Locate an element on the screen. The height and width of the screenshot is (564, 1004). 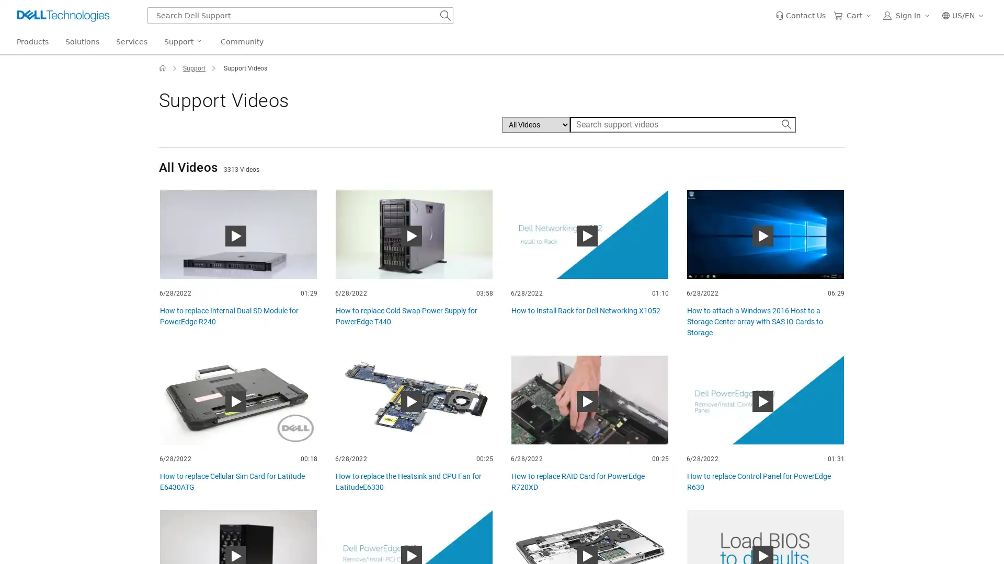
How to replace Cold Swap Power Supply for PowerEdge T440 Play is located at coordinates (414, 233).